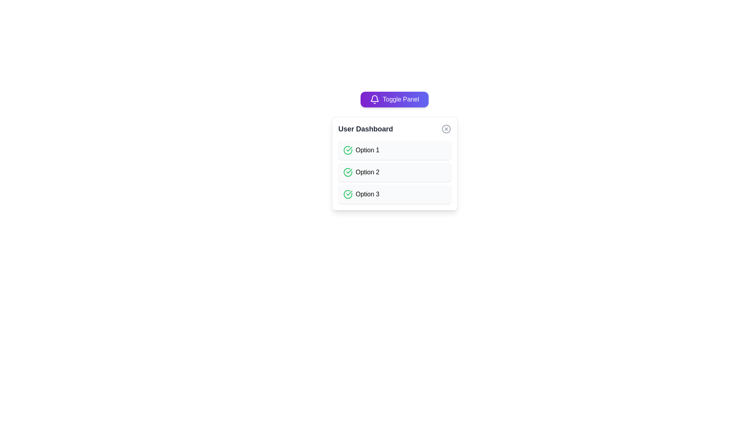 The height and width of the screenshot is (425, 755). I want to click on the circular close button with a gray border and an 'X' mark inside, located in the top-right corner of the 'User Dashboard' card, so click(446, 128).